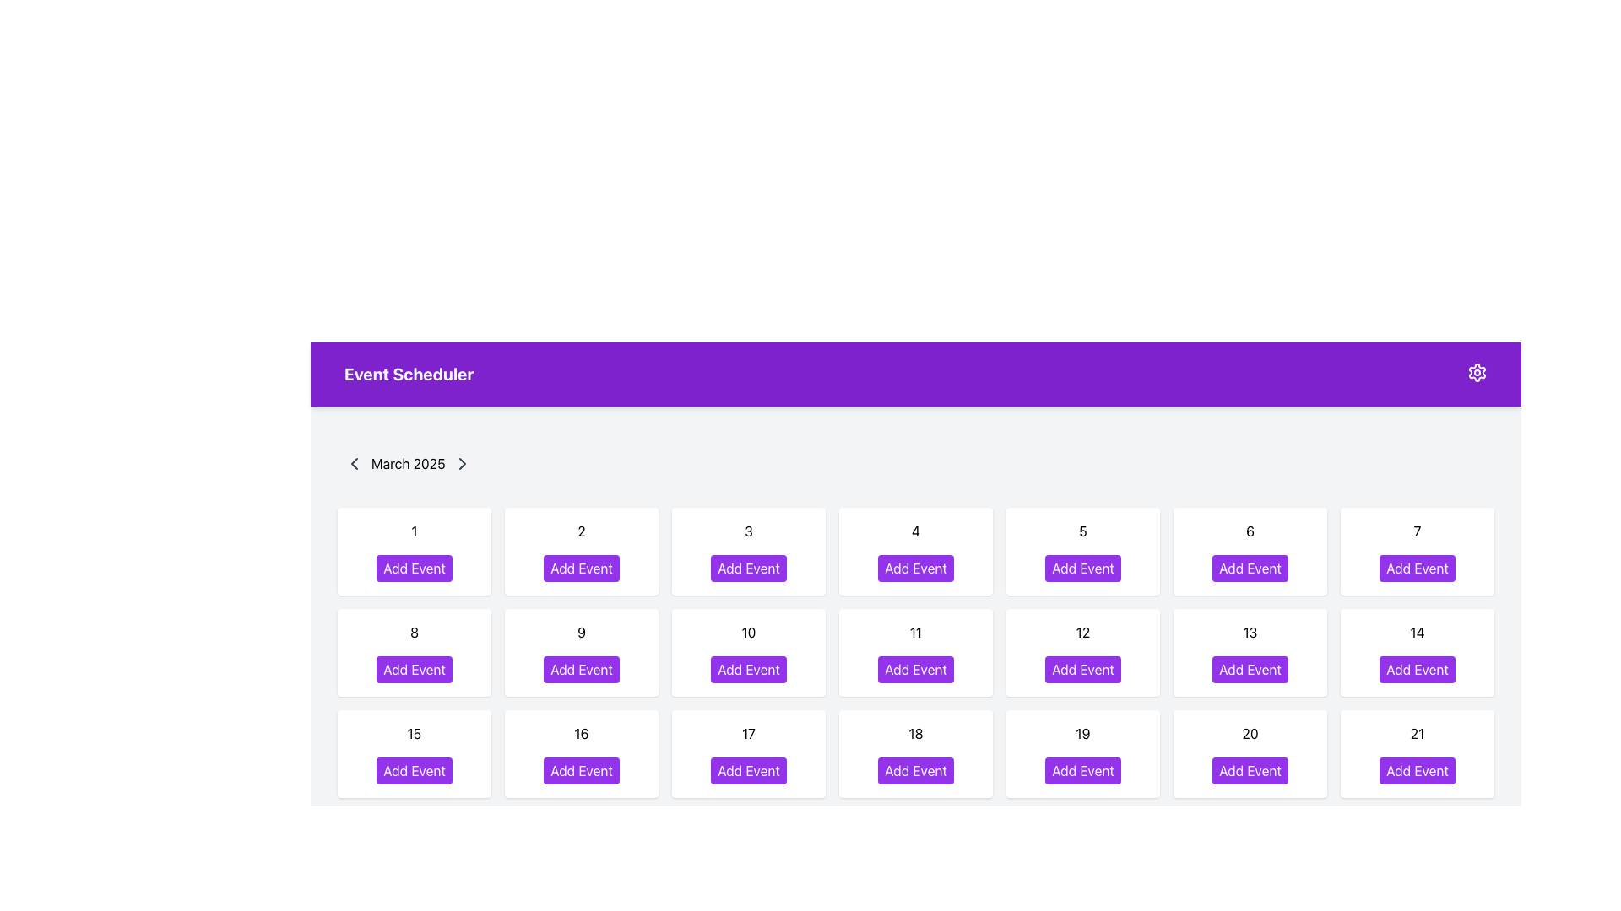 Image resolution: width=1621 pixels, height=911 pixels. Describe the element at coordinates (1082, 652) in the screenshot. I see `the interactive button of the Calendar day widget representing the 12th day of the month, located in the fifth column of the third row of the calendar grid` at that location.